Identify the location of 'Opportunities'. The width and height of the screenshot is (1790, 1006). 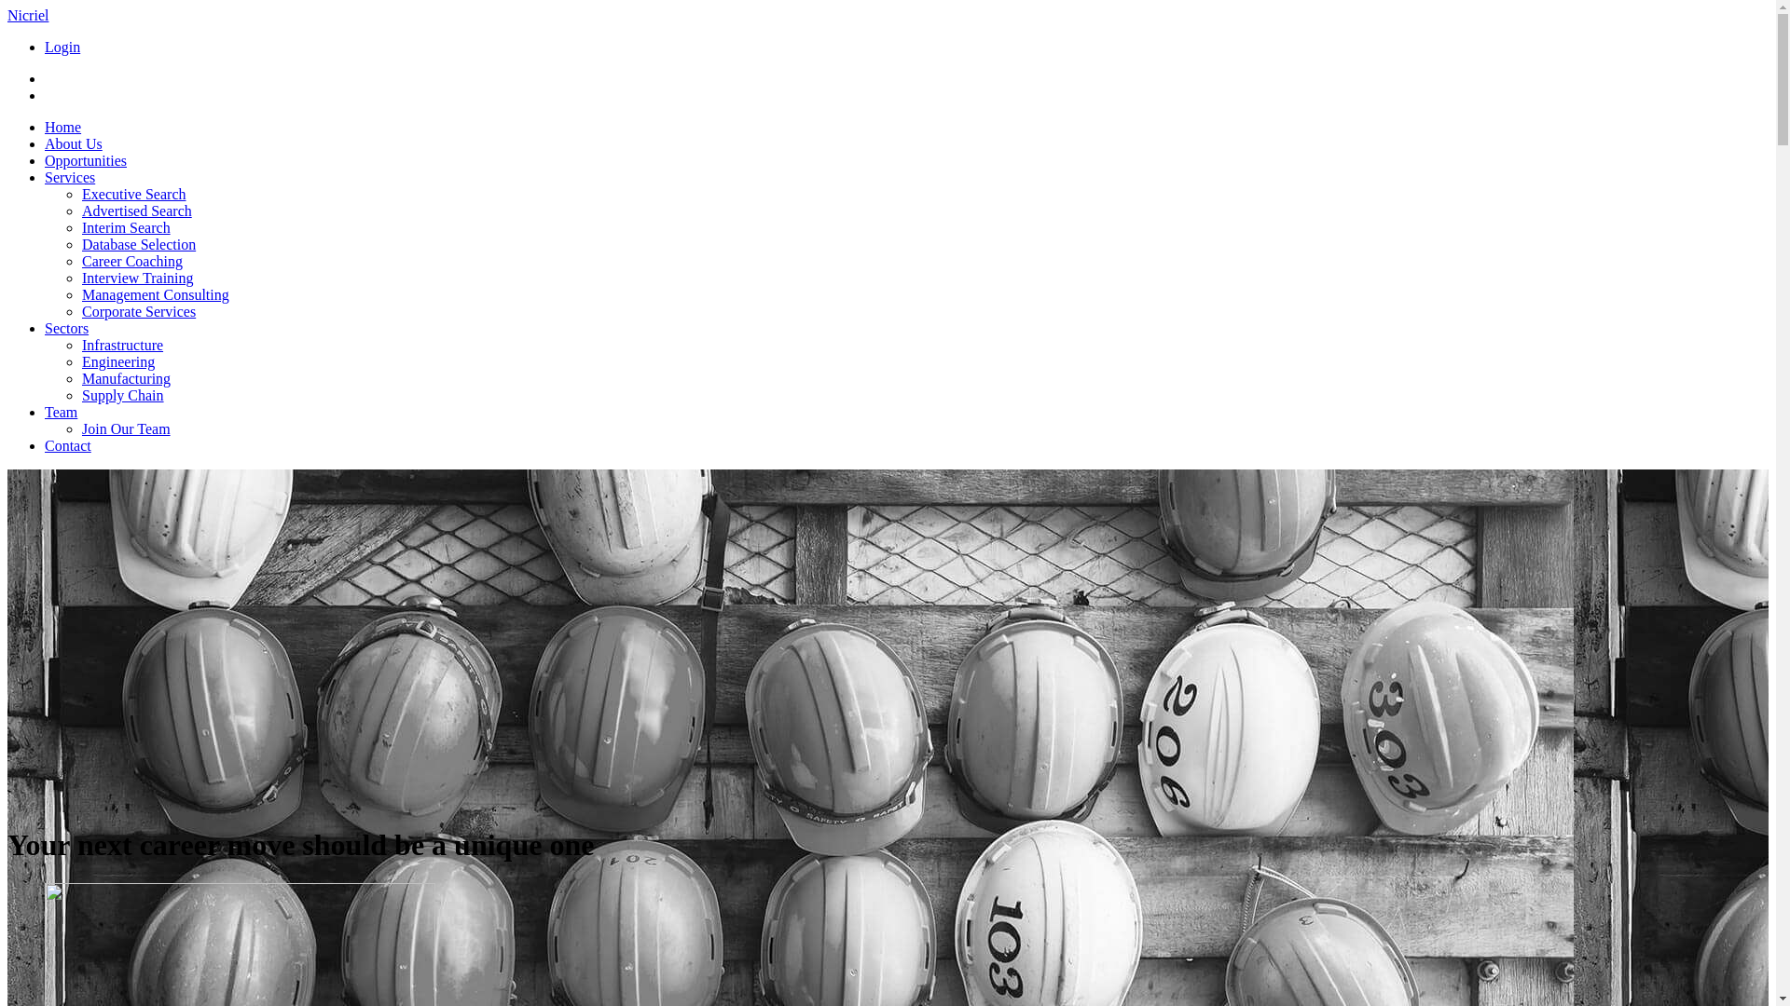
(84, 159).